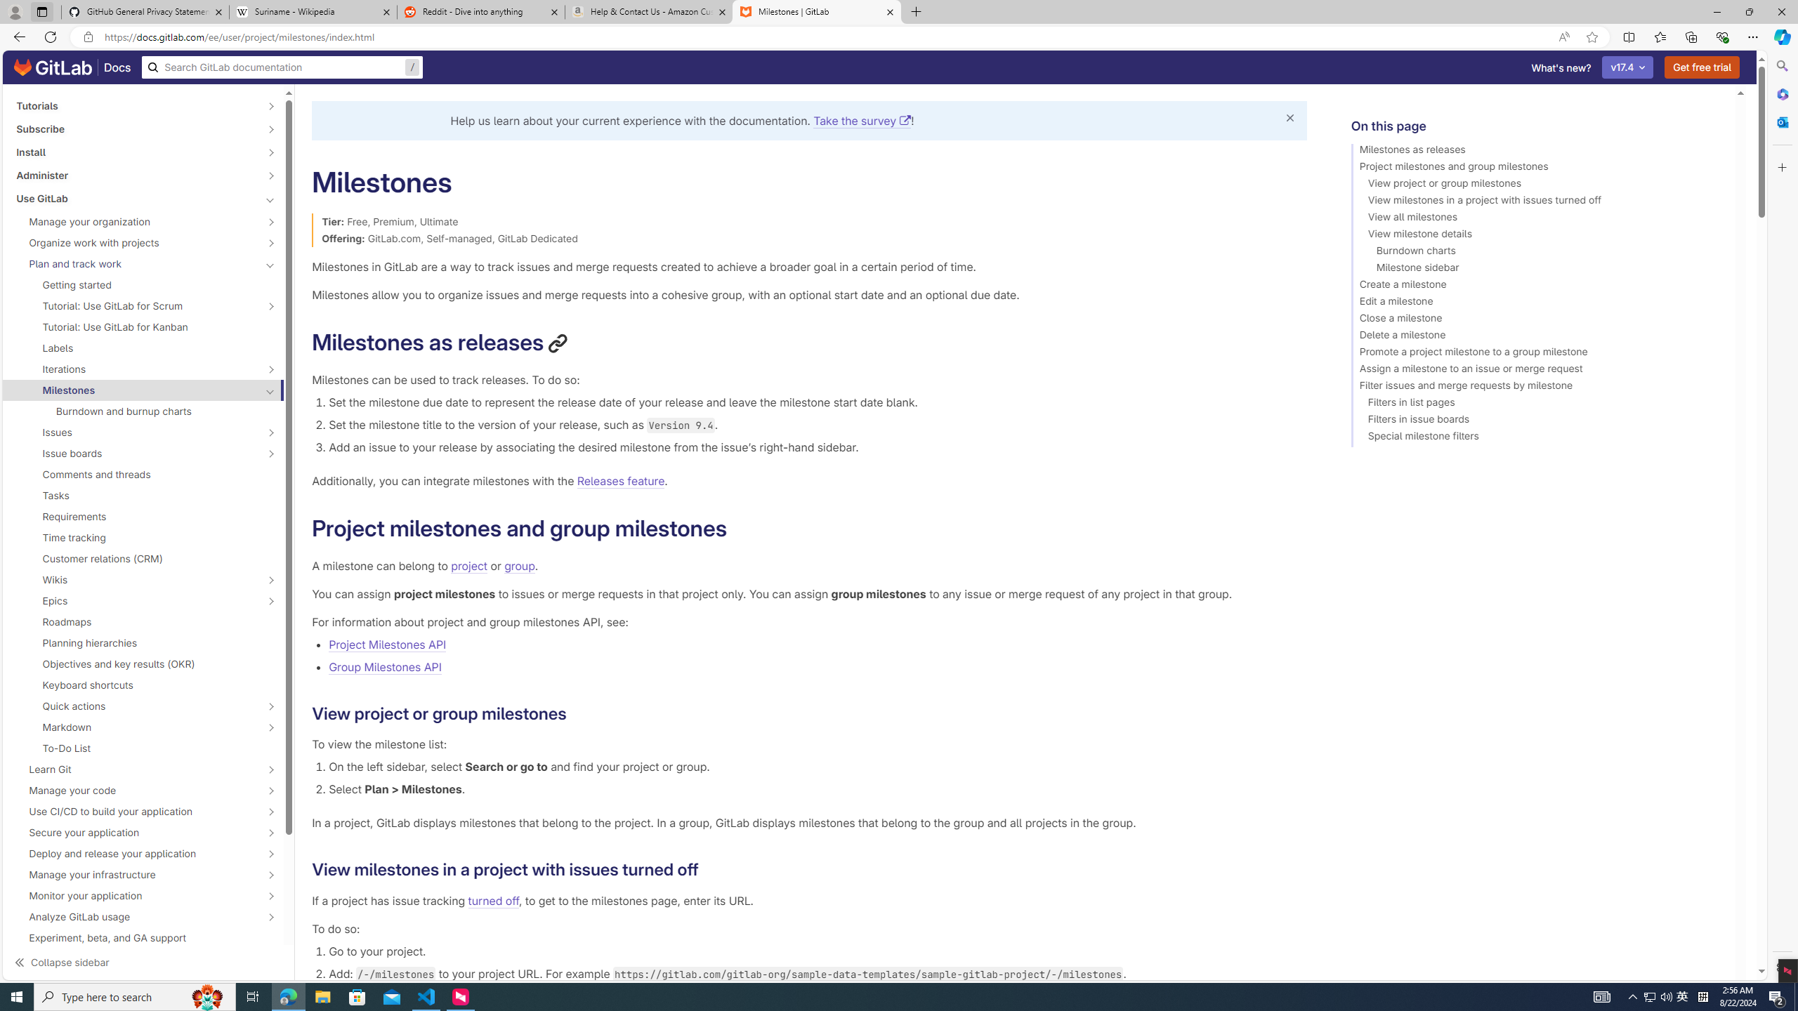 This screenshot has height=1011, width=1798. What do you see at coordinates (492, 900) in the screenshot?
I see `'turned off'` at bounding box center [492, 900].